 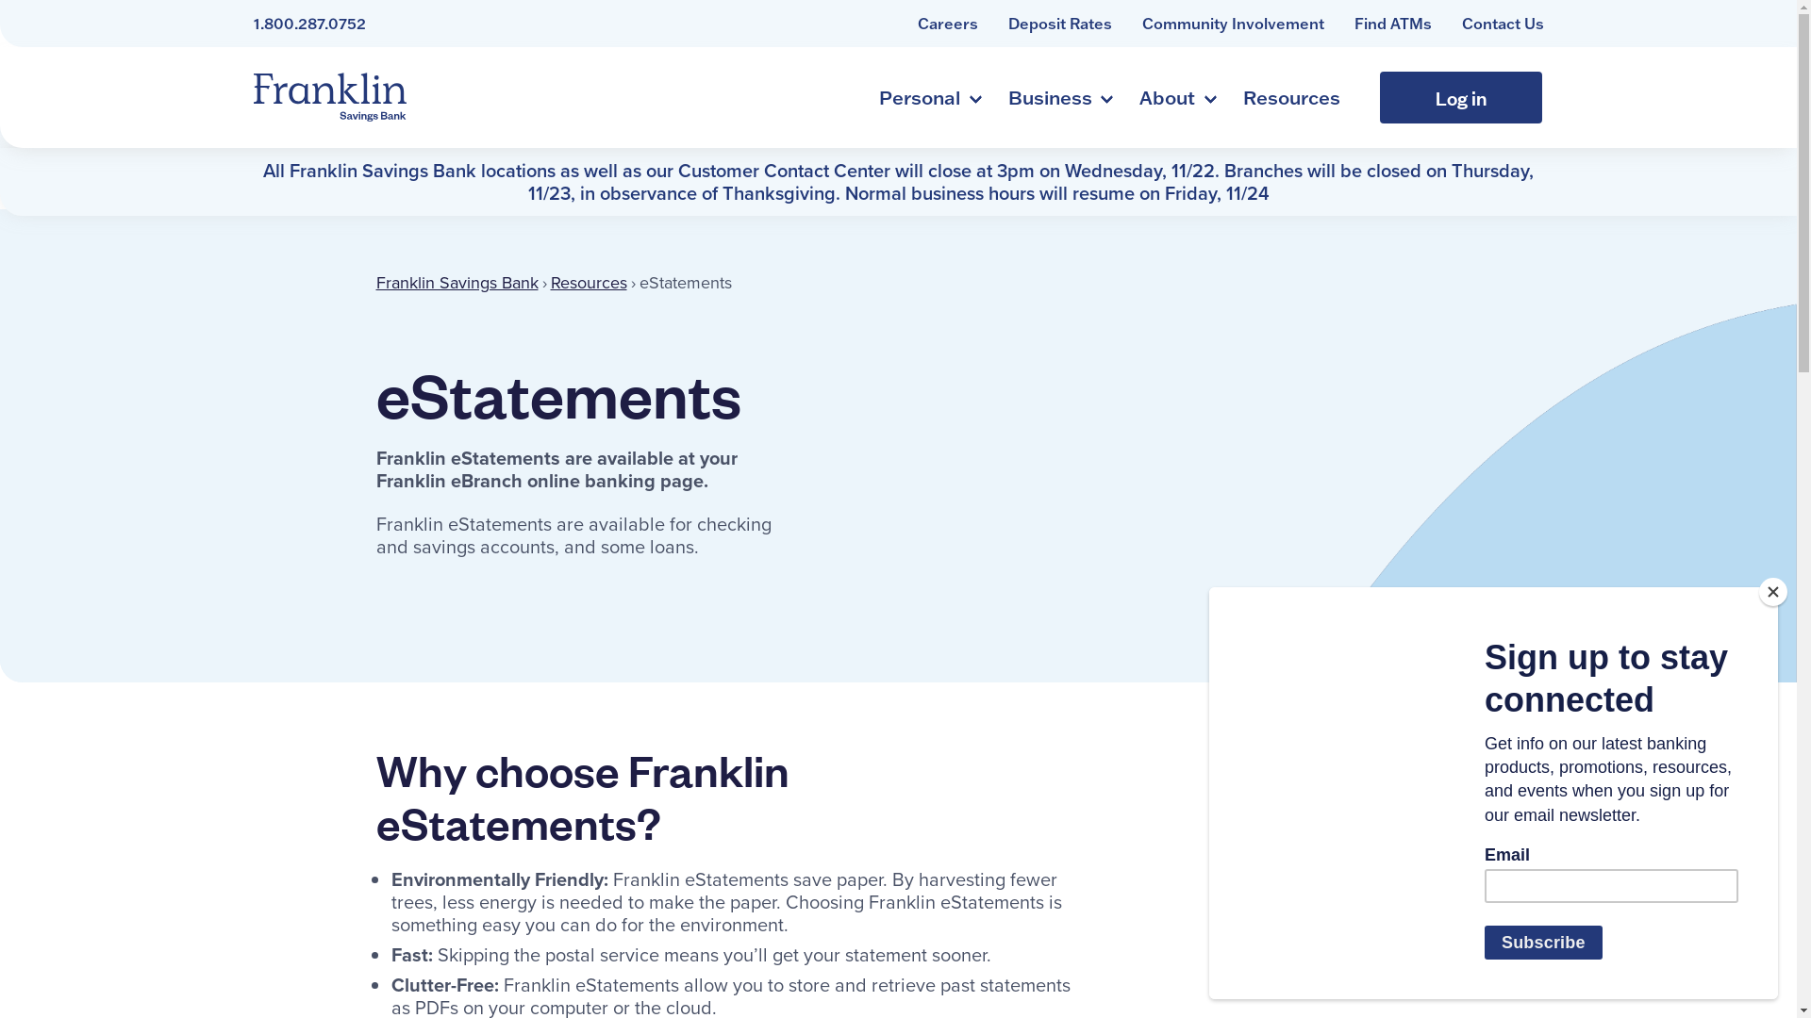 I want to click on 'Log in', so click(x=1458, y=97).